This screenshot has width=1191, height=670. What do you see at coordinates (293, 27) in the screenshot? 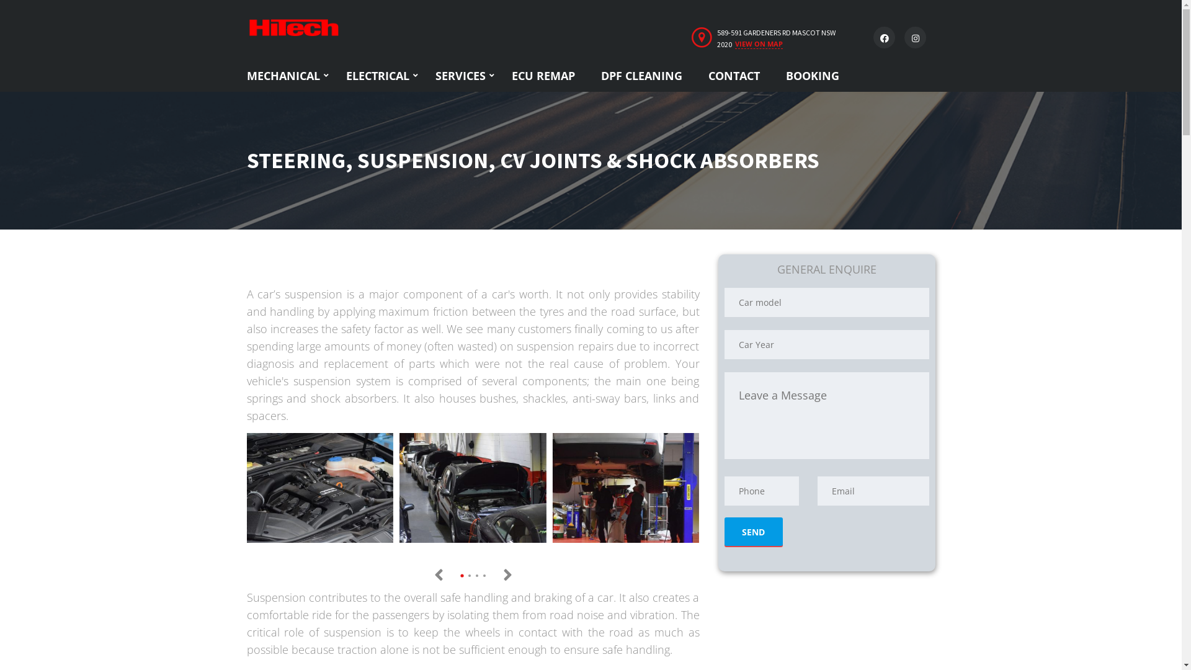
I see `'Home'` at bounding box center [293, 27].